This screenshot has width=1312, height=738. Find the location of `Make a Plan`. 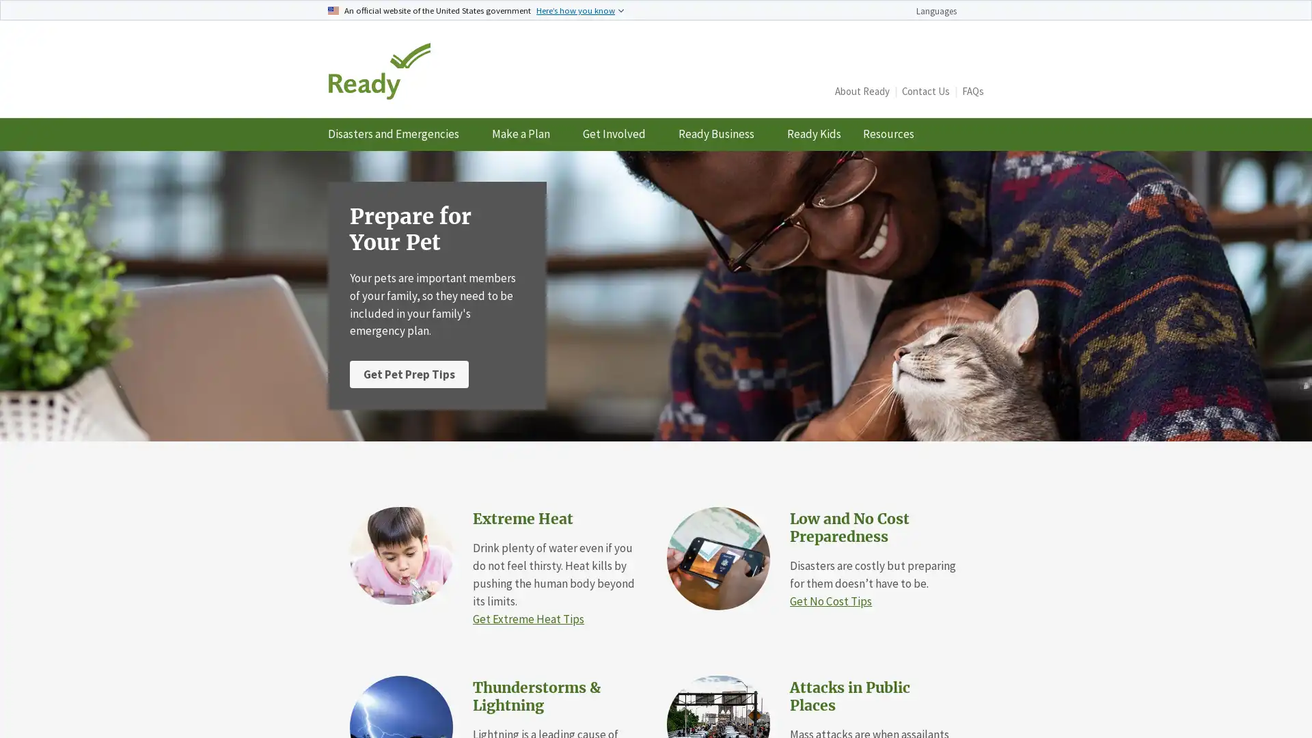

Make a Plan is located at coordinates (525, 134).